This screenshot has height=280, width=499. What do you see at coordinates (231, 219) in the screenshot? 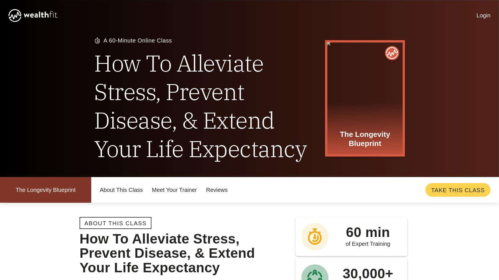
I see `'The Longevity Blueprint'` at bounding box center [231, 219].